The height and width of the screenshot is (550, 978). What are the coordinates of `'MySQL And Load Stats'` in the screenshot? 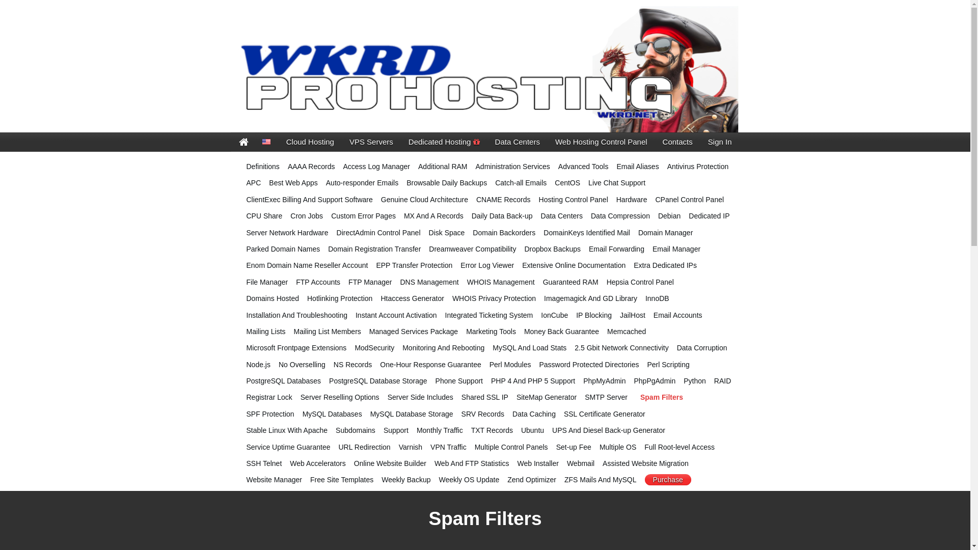 It's located at (492, 347).